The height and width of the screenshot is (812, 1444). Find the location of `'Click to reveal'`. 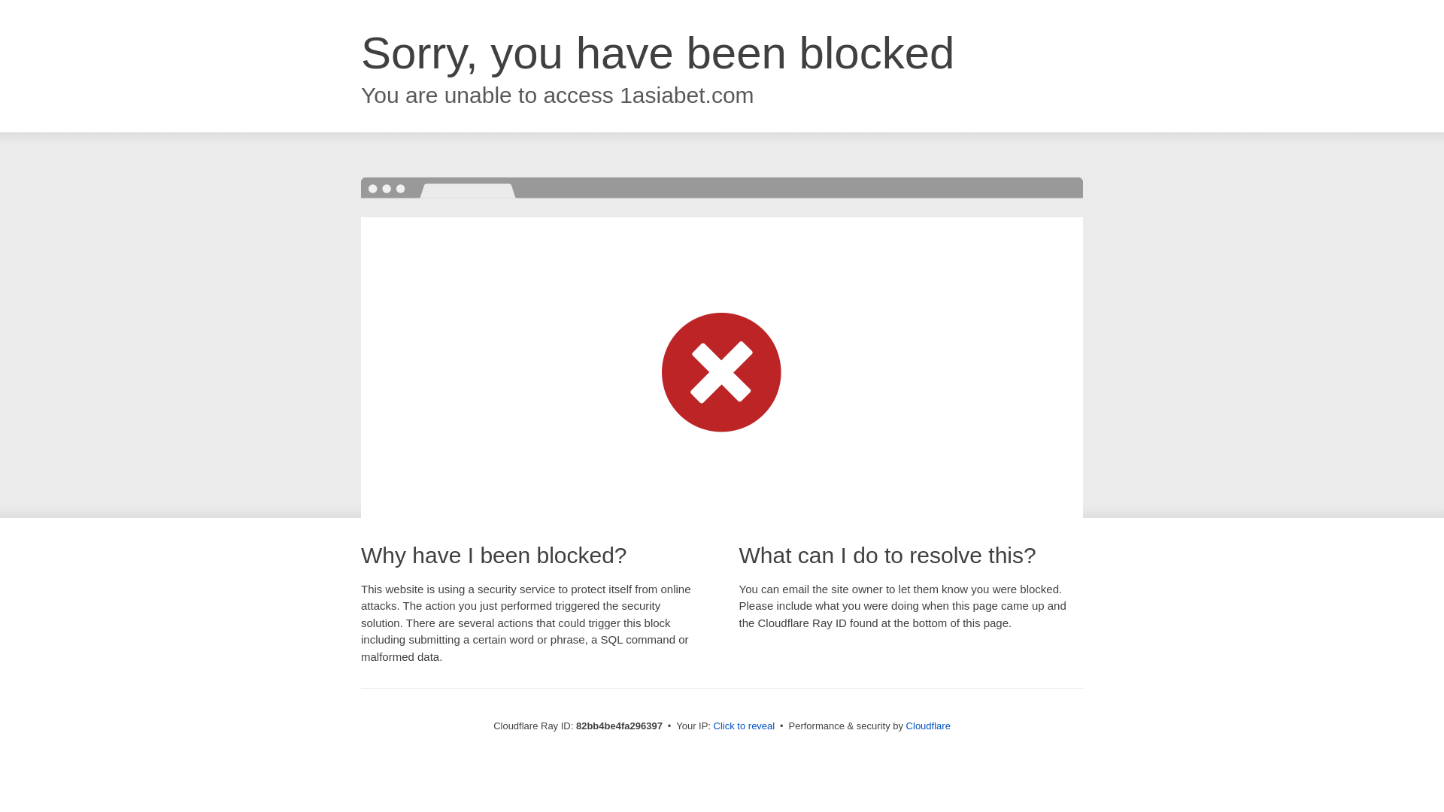

'Click to reveal' is located at coordinates (744, 725).